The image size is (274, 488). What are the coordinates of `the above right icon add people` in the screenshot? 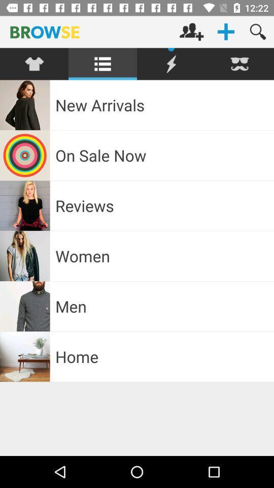 It's located at (191, 32).